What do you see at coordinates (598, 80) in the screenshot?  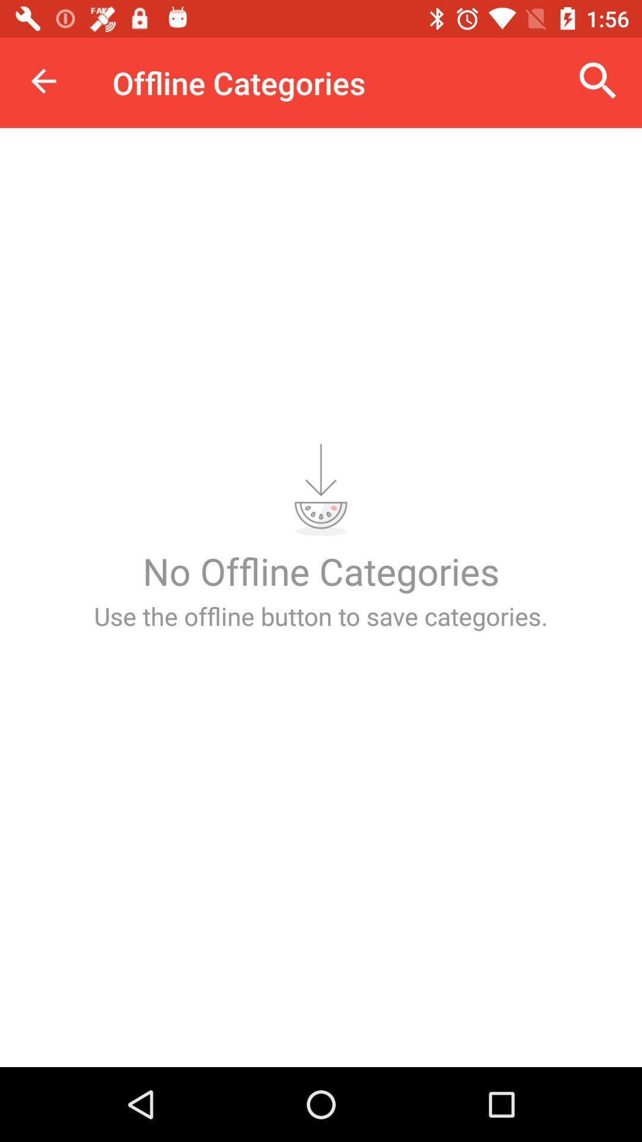 I see `the icon next to offline categories icon` at bounding box center [598, 80].